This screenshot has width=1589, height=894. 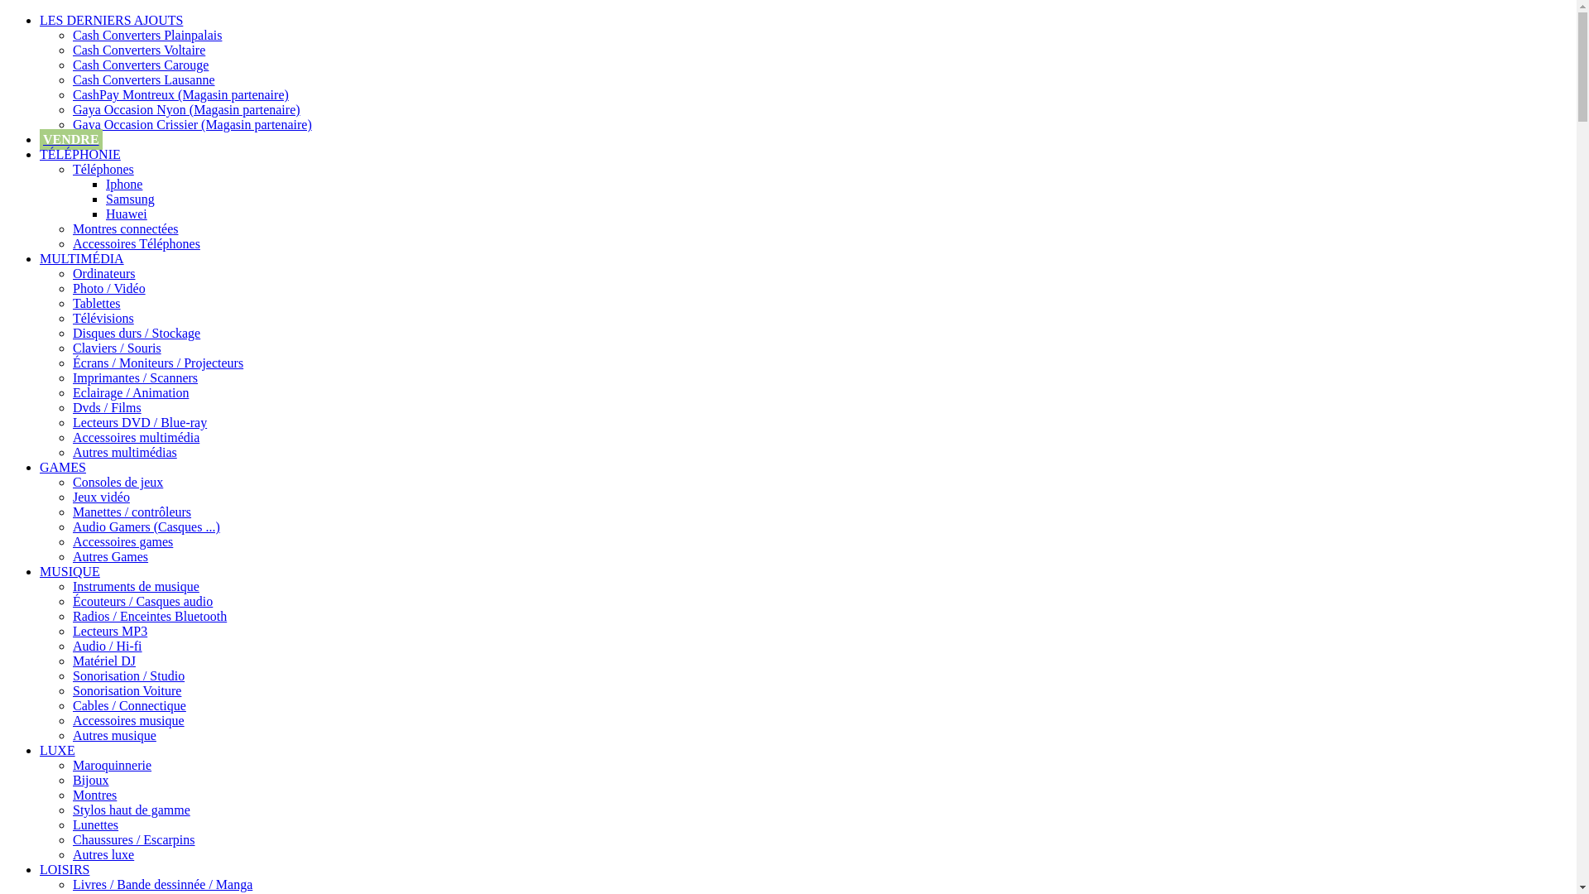 I want to click on 'Instruments de musique', so click(x=136, y=585).